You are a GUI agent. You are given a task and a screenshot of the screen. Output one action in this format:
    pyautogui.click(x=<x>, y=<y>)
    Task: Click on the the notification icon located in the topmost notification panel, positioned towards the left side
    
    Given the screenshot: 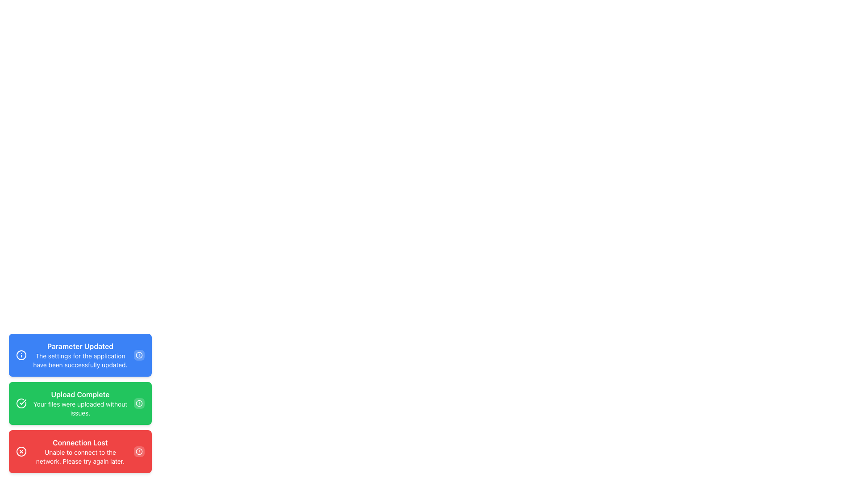 What is the action you would take?
    pyautogui.click(x=21, y=354)
    